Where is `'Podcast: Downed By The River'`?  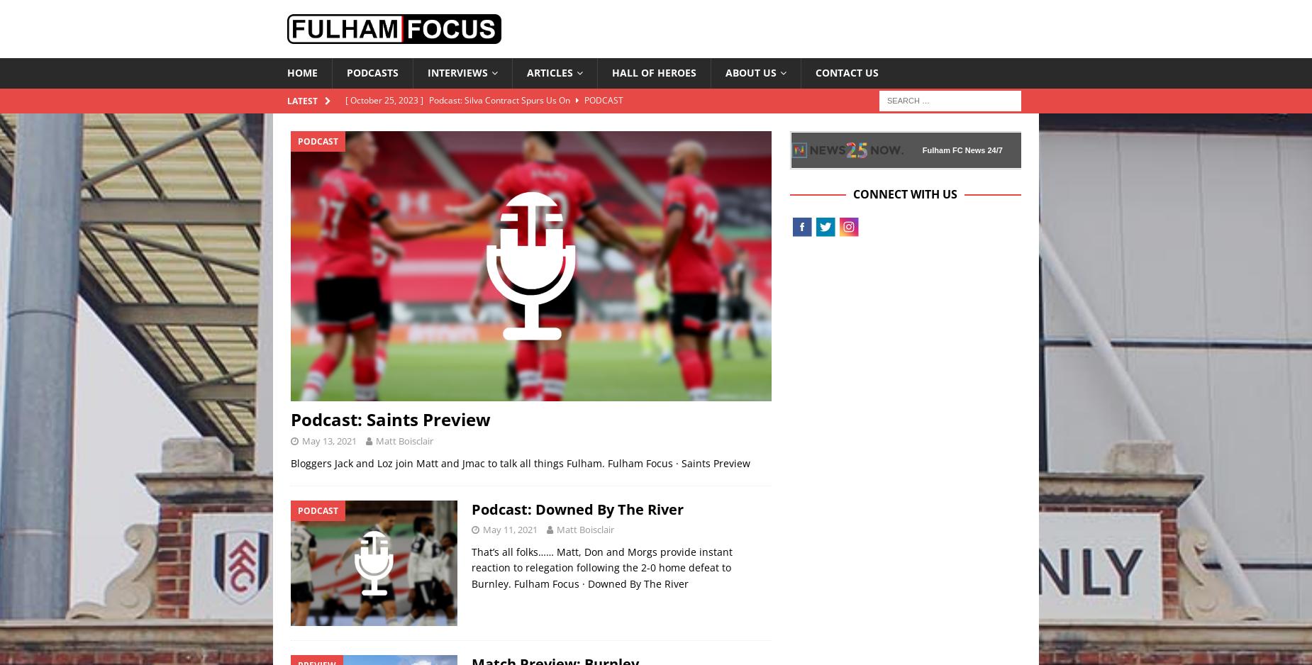 'Podcast: Downed By The River' is located at coordinates (472, 508).